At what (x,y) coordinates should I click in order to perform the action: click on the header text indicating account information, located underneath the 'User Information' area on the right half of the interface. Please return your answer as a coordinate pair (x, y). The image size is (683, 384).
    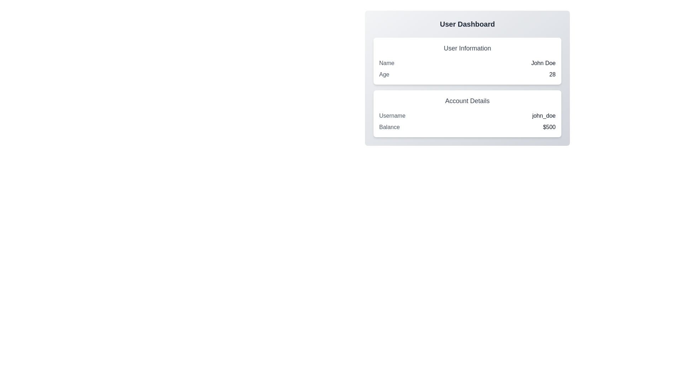
    Looking at the image, I should click on (467, 101).